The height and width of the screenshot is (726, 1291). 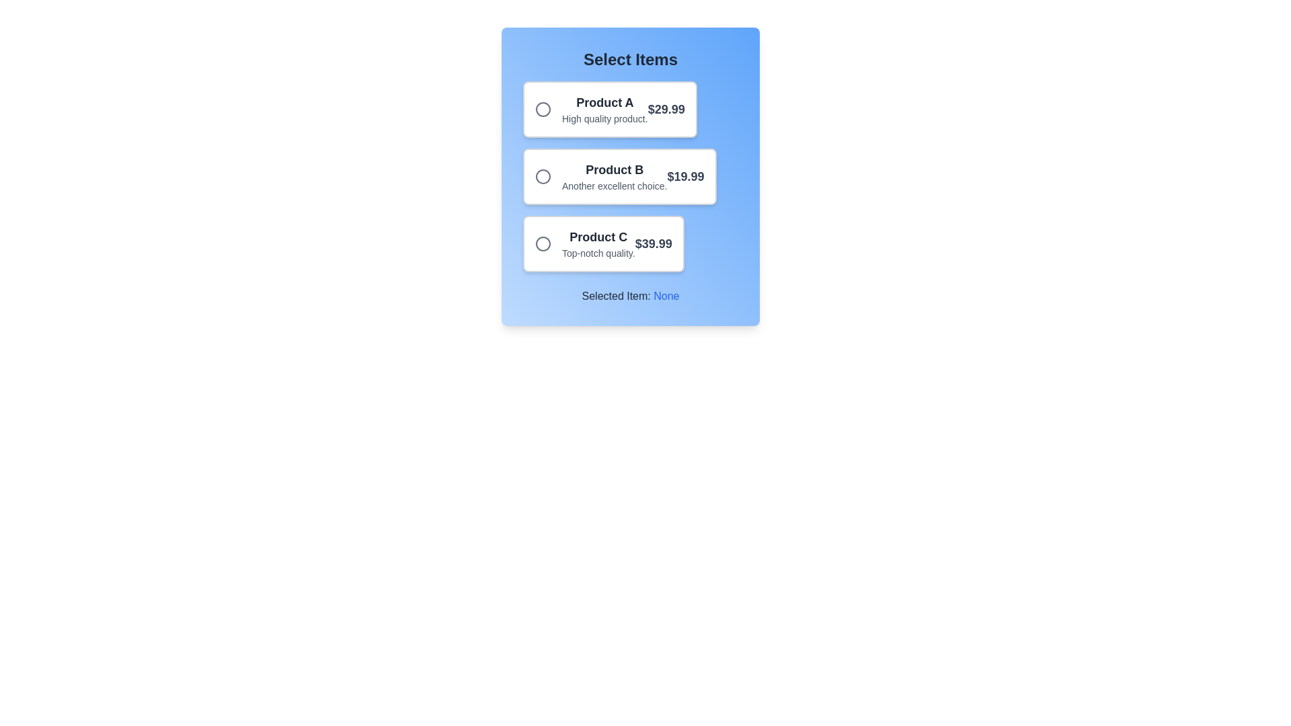 What do you see at coordinates (543, 108) in the screenshot?
I see `the Radio button to the left of the 'Product A' label` at bounding box center [543, 108].